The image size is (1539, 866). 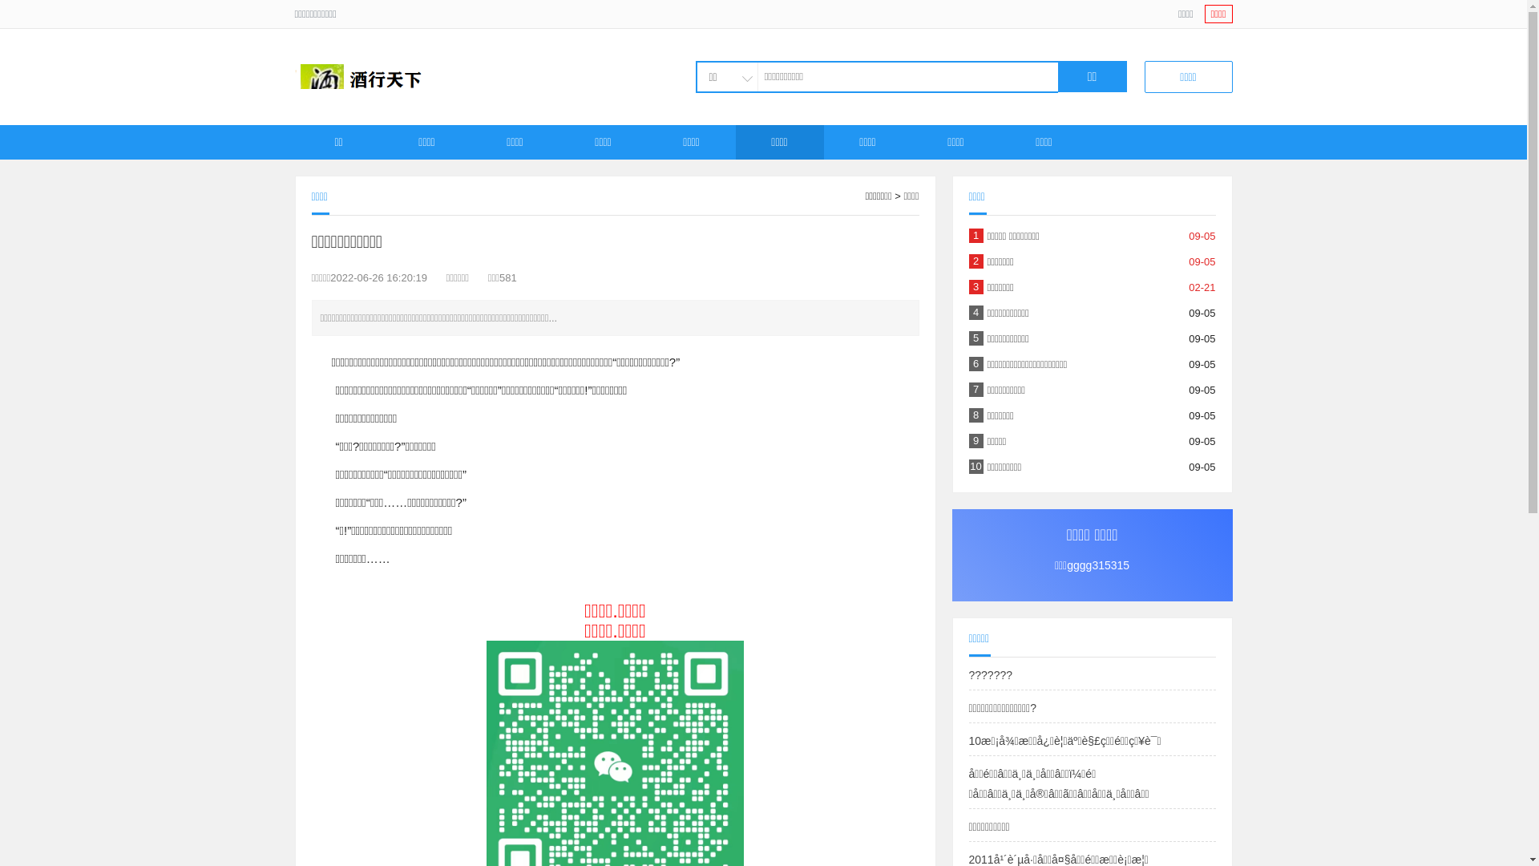 What do you see at coordinates (967, 674) in the screenshot?
I see `'???????'` at bounding box center [967, 674].